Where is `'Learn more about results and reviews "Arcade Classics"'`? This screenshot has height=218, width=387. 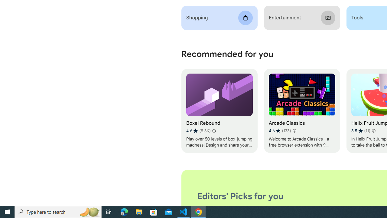 'Learn more about results and reviews "Arcade Classics"' is located at coordinates (294, 130).